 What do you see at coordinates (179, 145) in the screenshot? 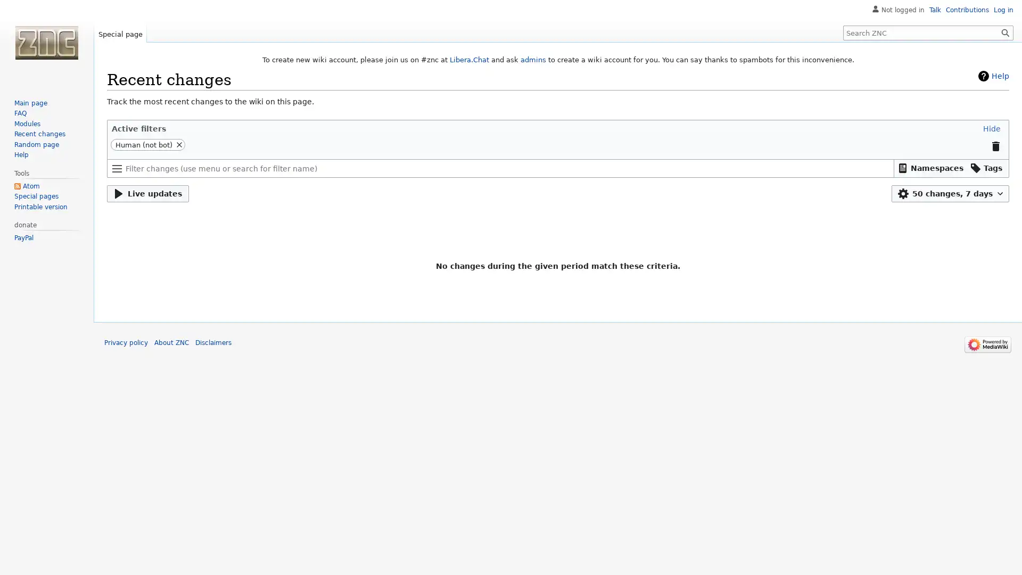
I see `Remove 'Human (not bot)'` at bounding box center [179, 145].